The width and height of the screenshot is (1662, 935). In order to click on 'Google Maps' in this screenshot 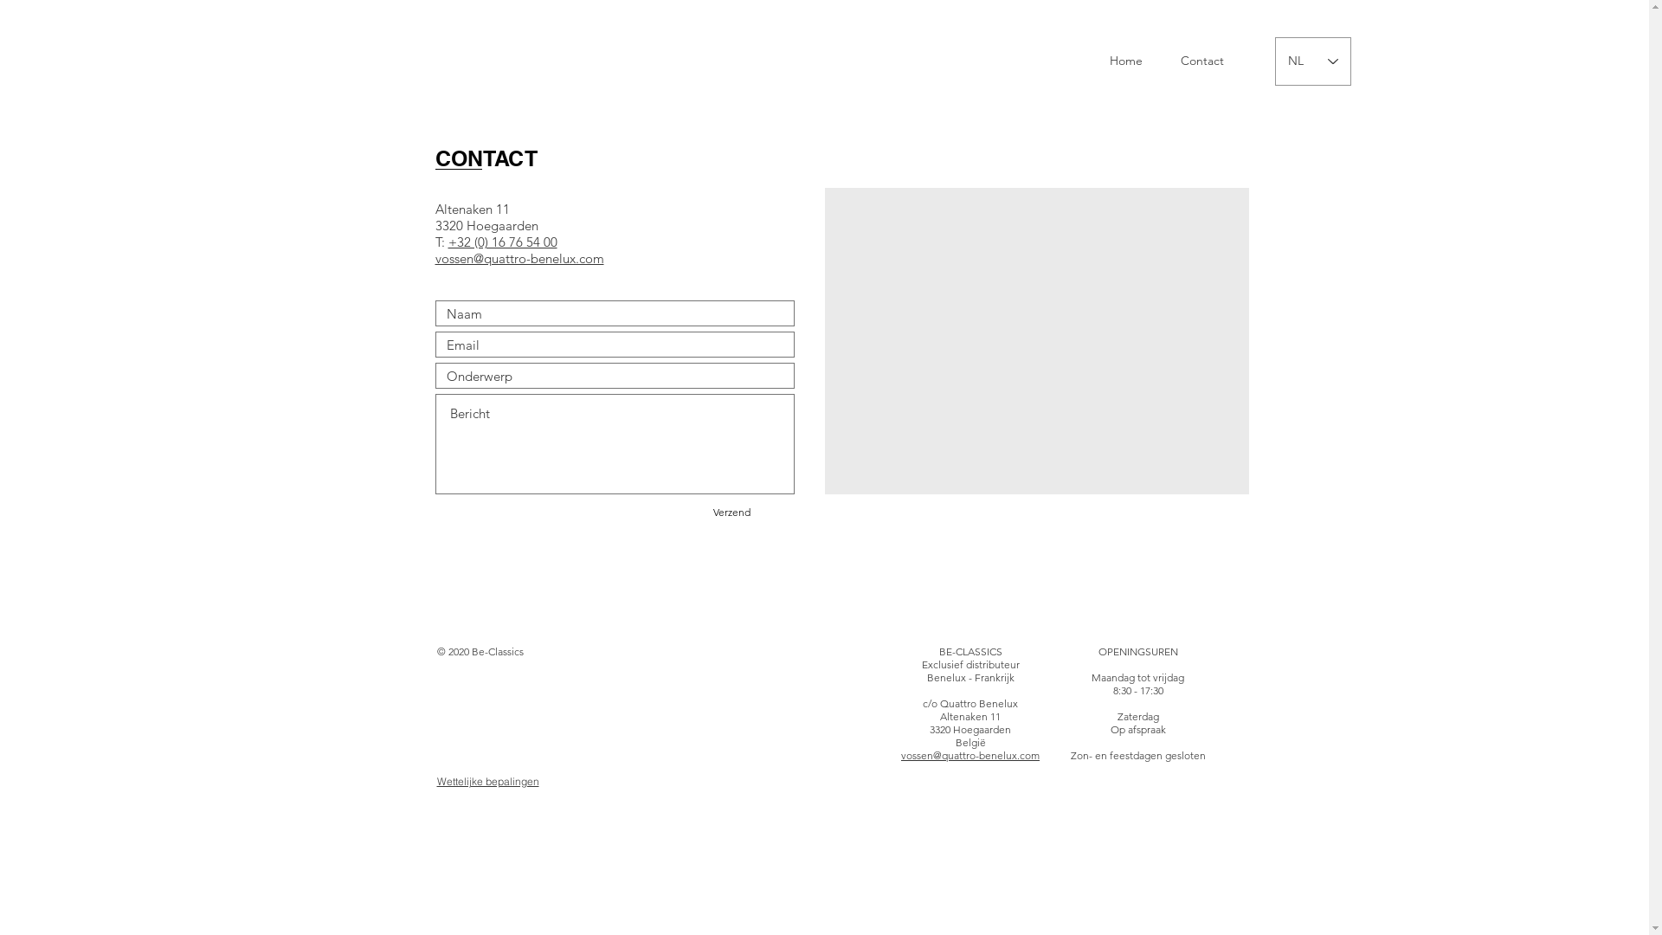, I will do `click(1037, 340)`.